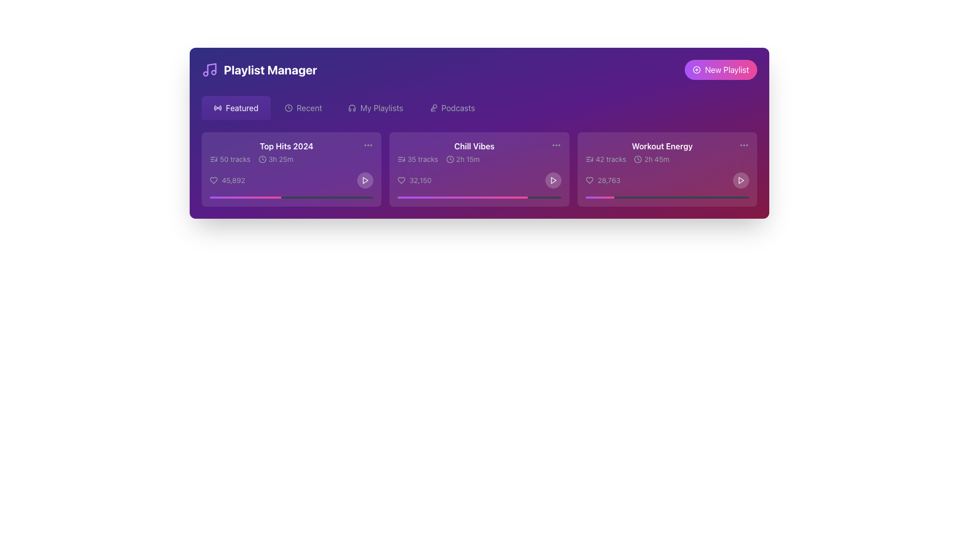  Describe the element at coordinates (286, 152) in the screenshot. I see `the 'Top Hits 2024' playlist preview card` at that location.